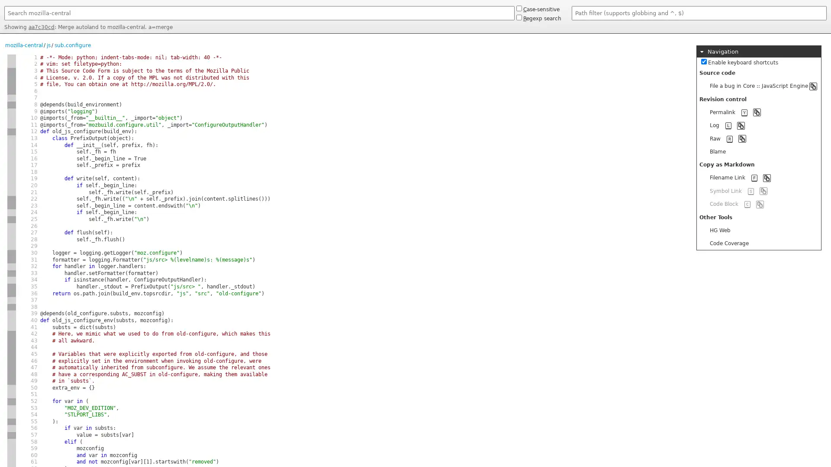  What do you see at coordinates (12, 320) in the screenshot?
I see `same hash 5` at bounding box center [12, 320].